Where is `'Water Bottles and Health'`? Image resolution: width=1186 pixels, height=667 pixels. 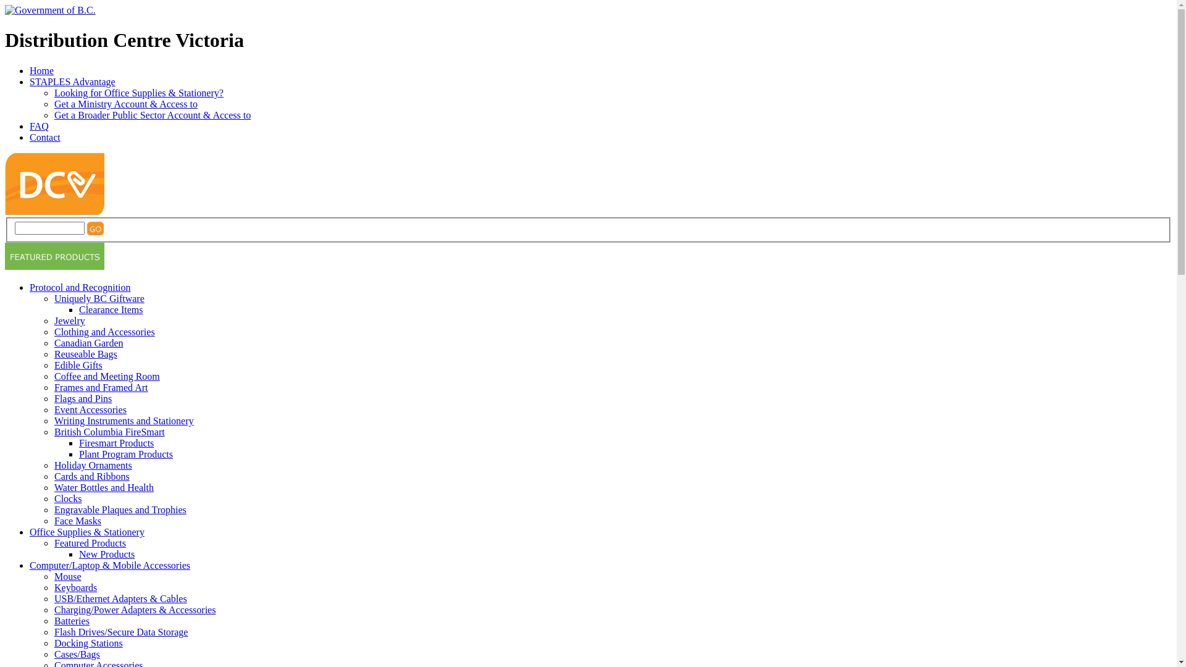 'Water Bottles and Health' is located at coordinates (104, 487).